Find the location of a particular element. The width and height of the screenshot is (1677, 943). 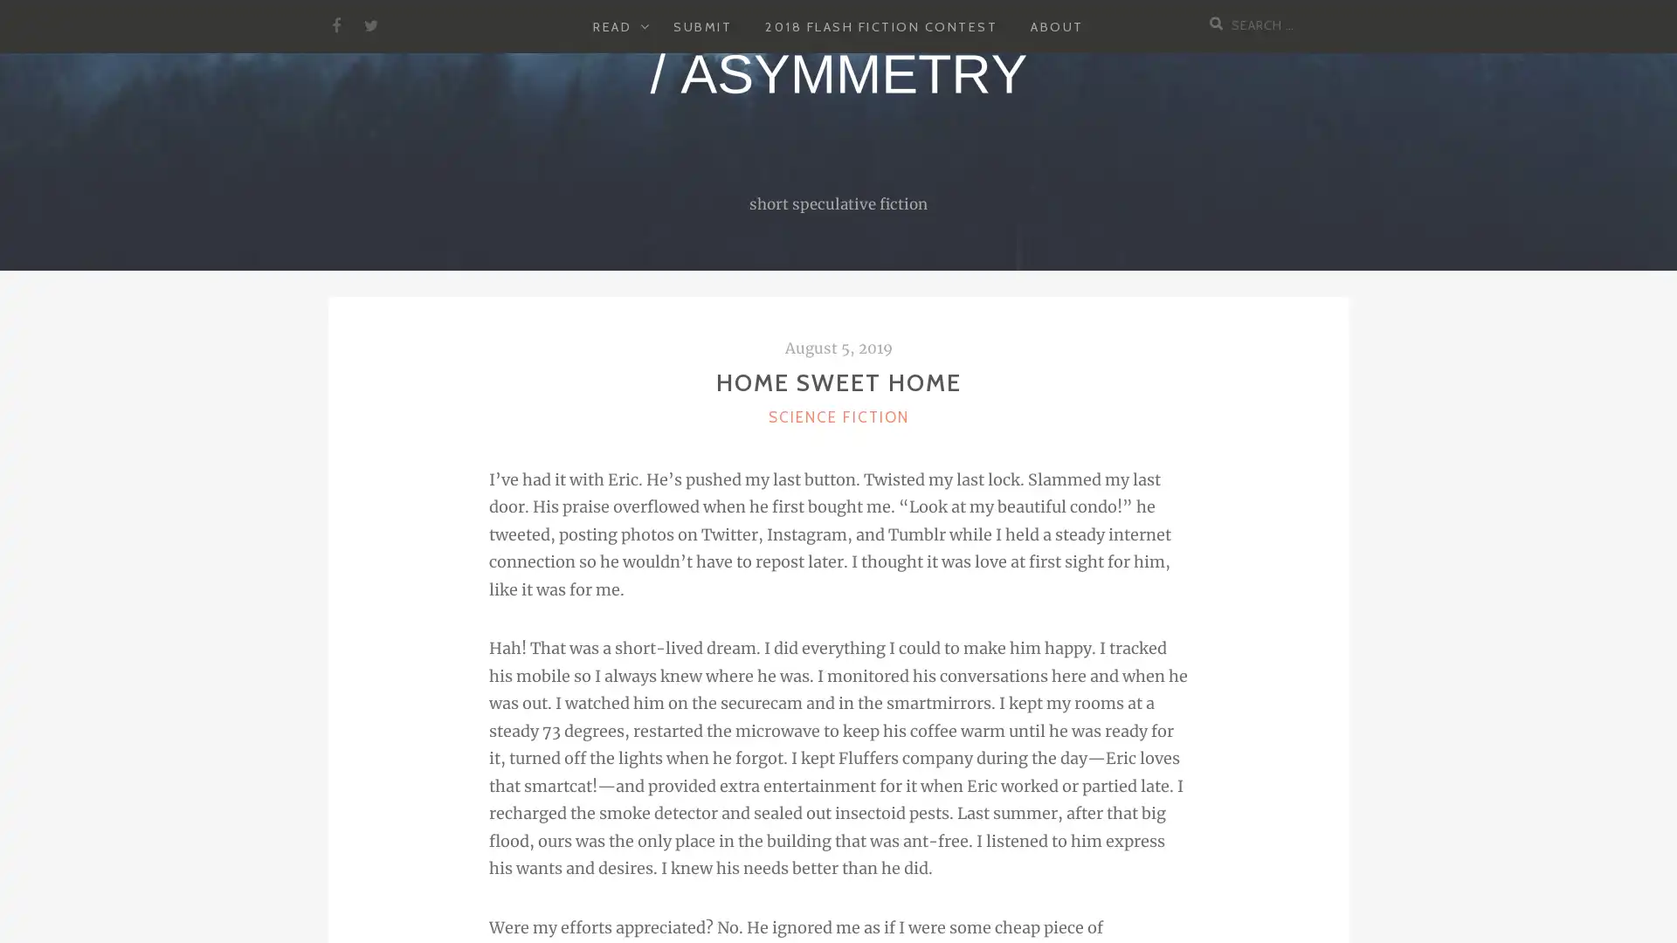

EXPAND CHILD MENU is located at coordinates (643, 25).